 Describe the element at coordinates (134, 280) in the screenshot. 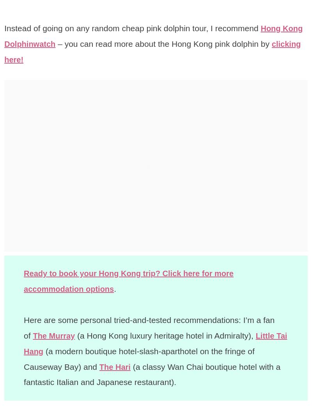

I see `'Ready to book your Hong Kong trip? Click here for more accommodation options'` at that location.